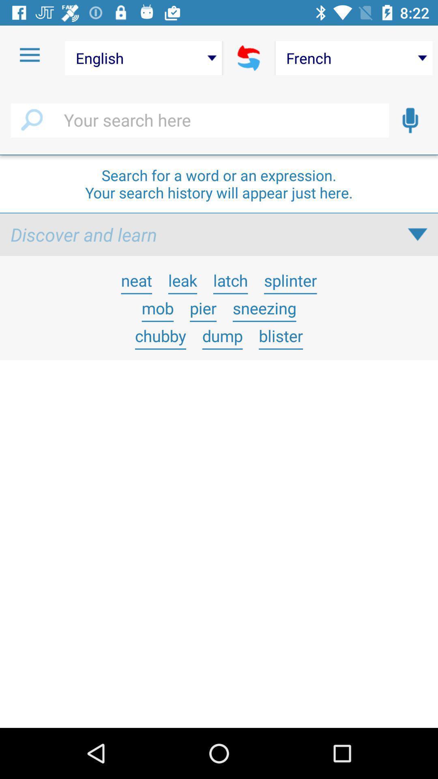 The image size is (438, 779). What do you see at coordinates (248, 58) in the screenshot?
I see `icon next to the english icon` at bounding box center [248, 58].